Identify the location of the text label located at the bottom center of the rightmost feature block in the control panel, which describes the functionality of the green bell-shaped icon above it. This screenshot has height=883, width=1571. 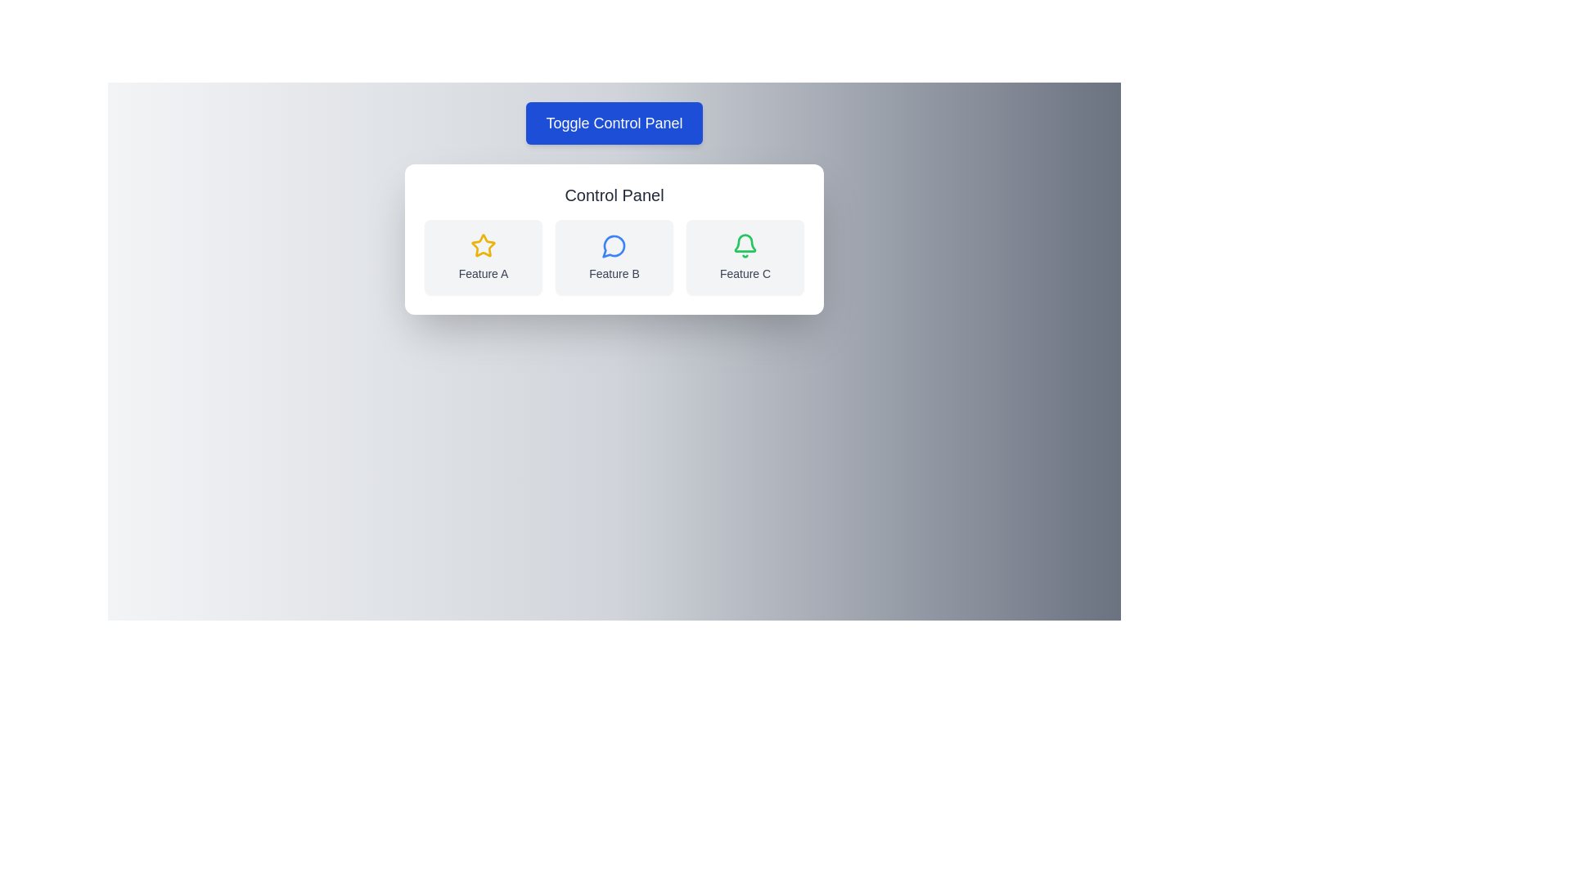
(745, 273).